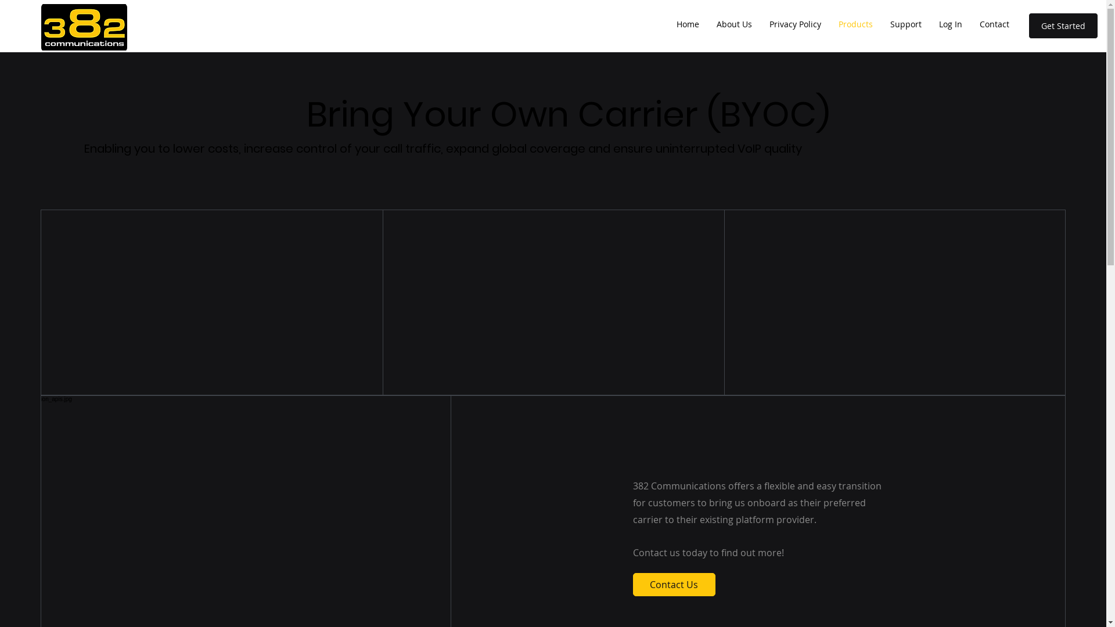 This screenshot has width=1115, height=627. What do you see at coordinates (668, 24) in the screenshot?
I see `'Home'` at bounding box center [668, 24].